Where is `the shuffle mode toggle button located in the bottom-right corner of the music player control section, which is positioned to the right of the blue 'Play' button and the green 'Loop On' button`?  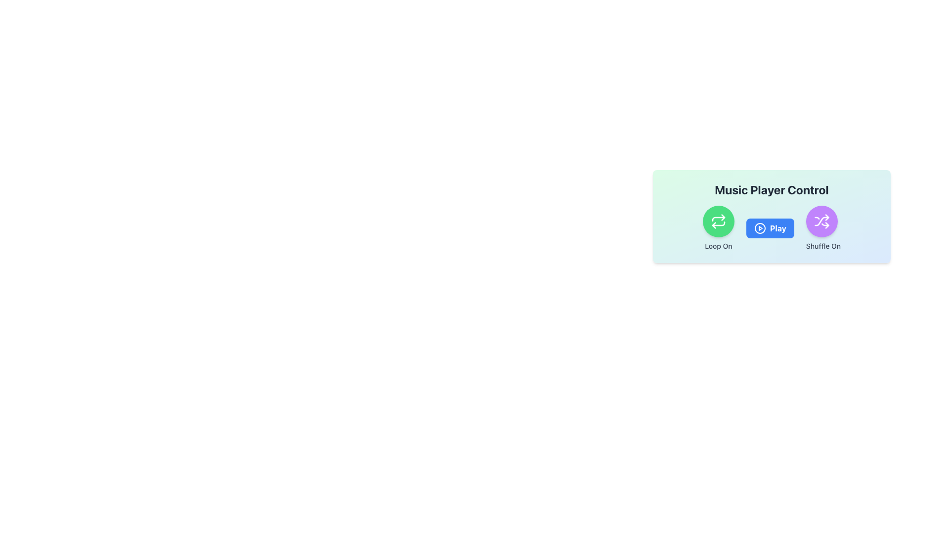 the shuffle mode toggle button located in the bottom-right corner of the music player control section, which is positioned to the right of the blue 'Play' button and the green 'Loop On' button is located at coordinates (823, 228).